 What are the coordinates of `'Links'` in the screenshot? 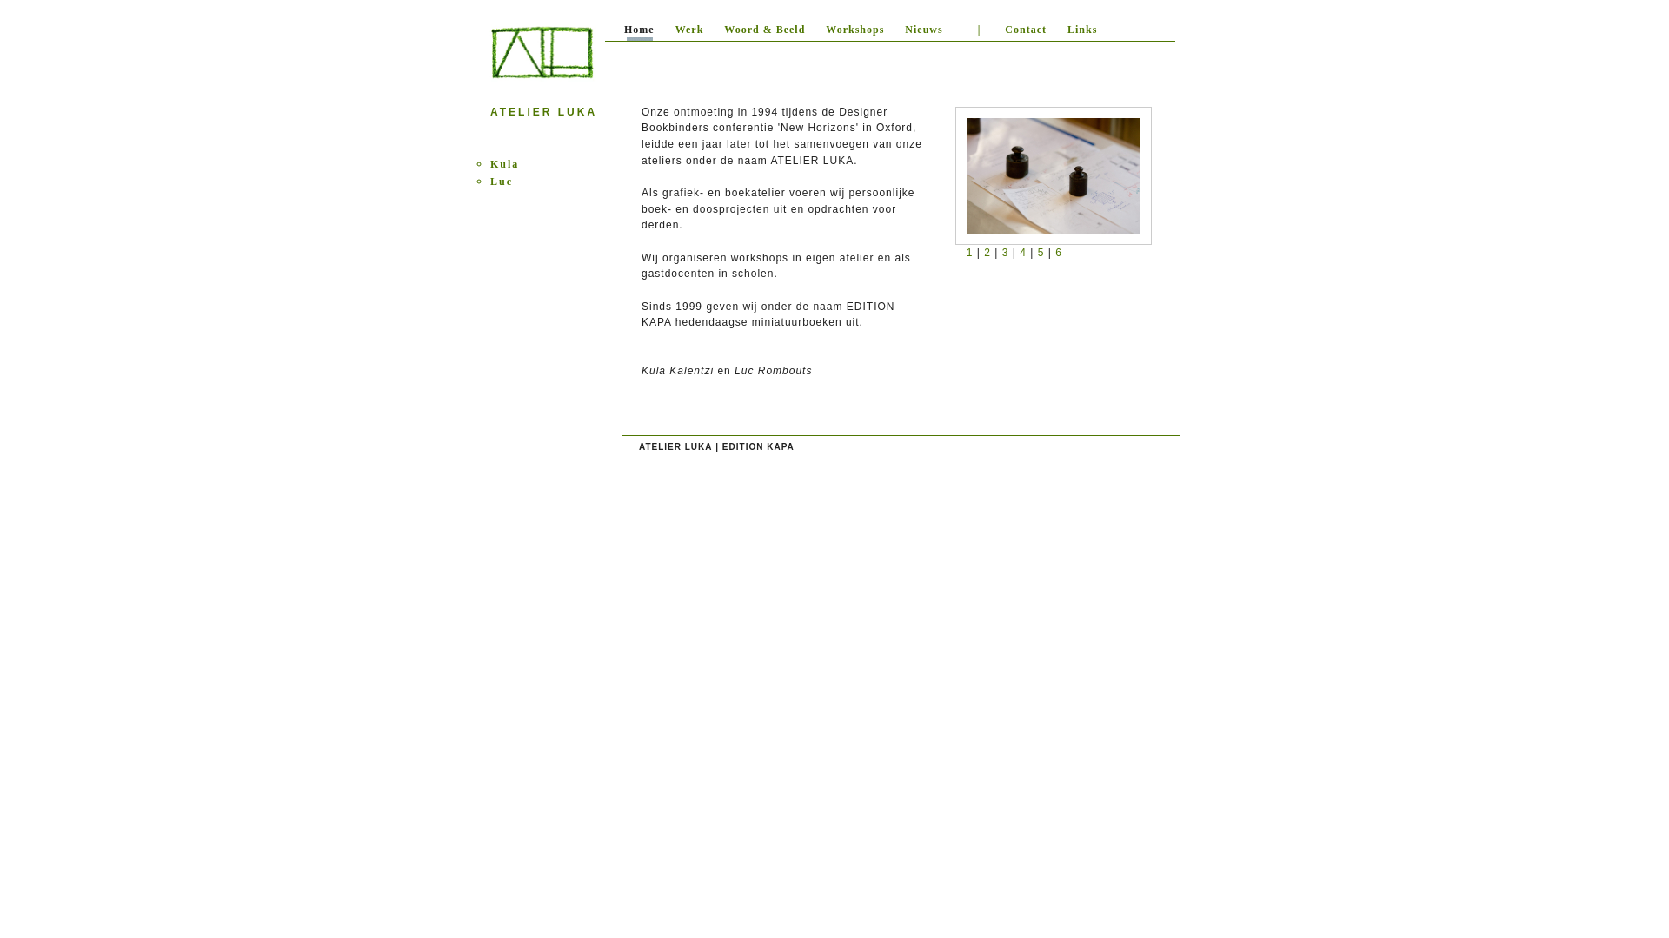 It's located at (1055, 32).